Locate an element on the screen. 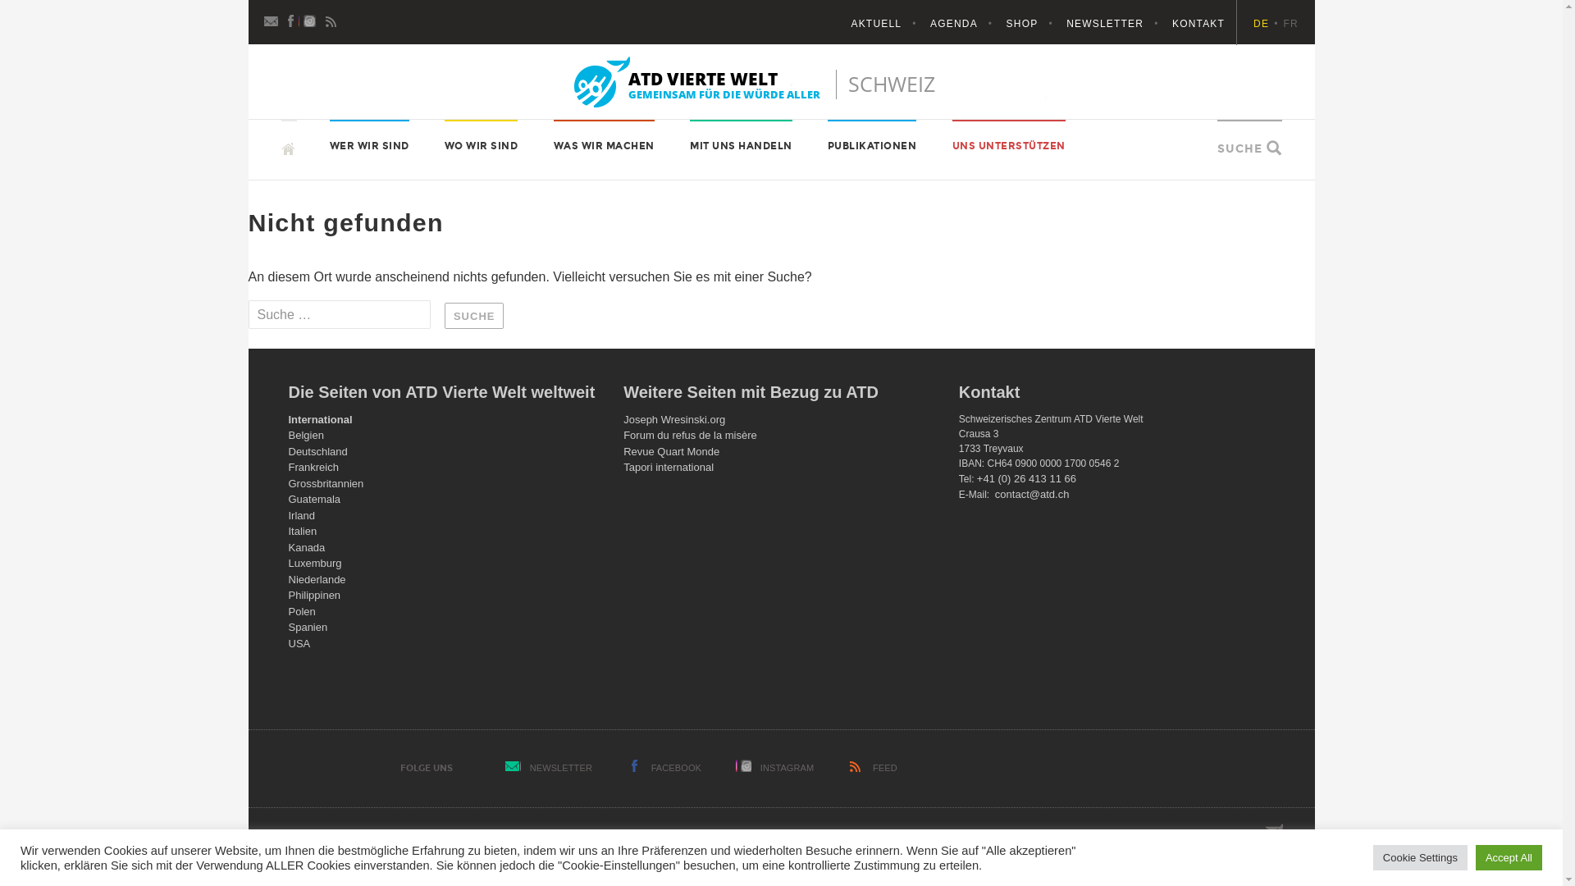  'AGENDA' is located at coordinates (929, 24).